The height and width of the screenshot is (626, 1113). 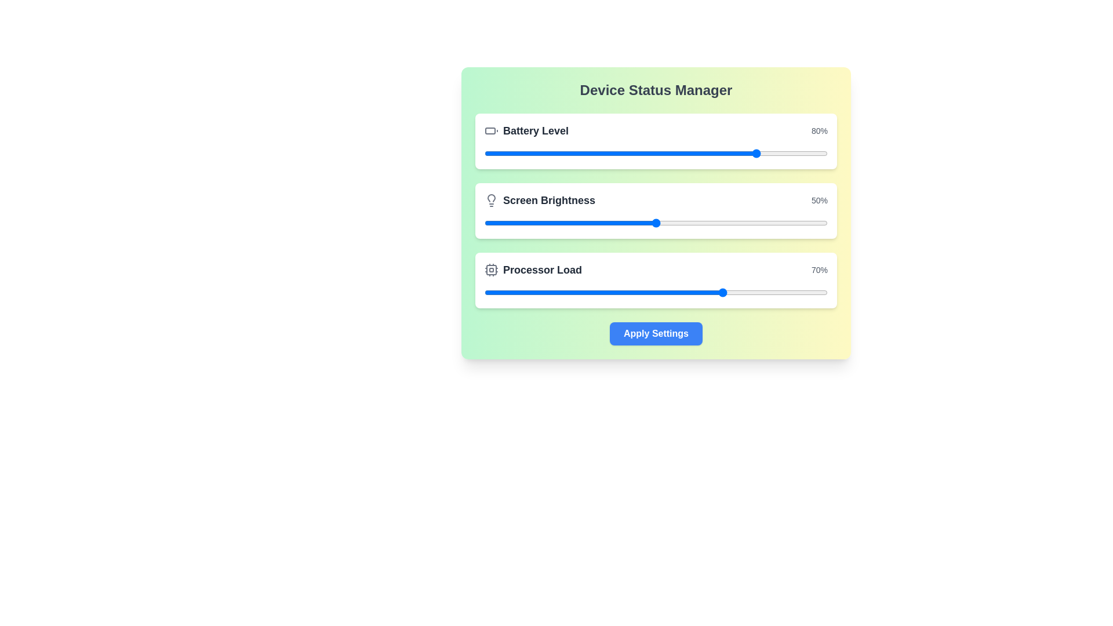 I want to click on the 'Confirm' button located at the bottom center of the green-and-yellow gradient card labeled 'Device Status Manager' to apply the settings for battery level, brightness, and processor load, so click(x=656, y=333).